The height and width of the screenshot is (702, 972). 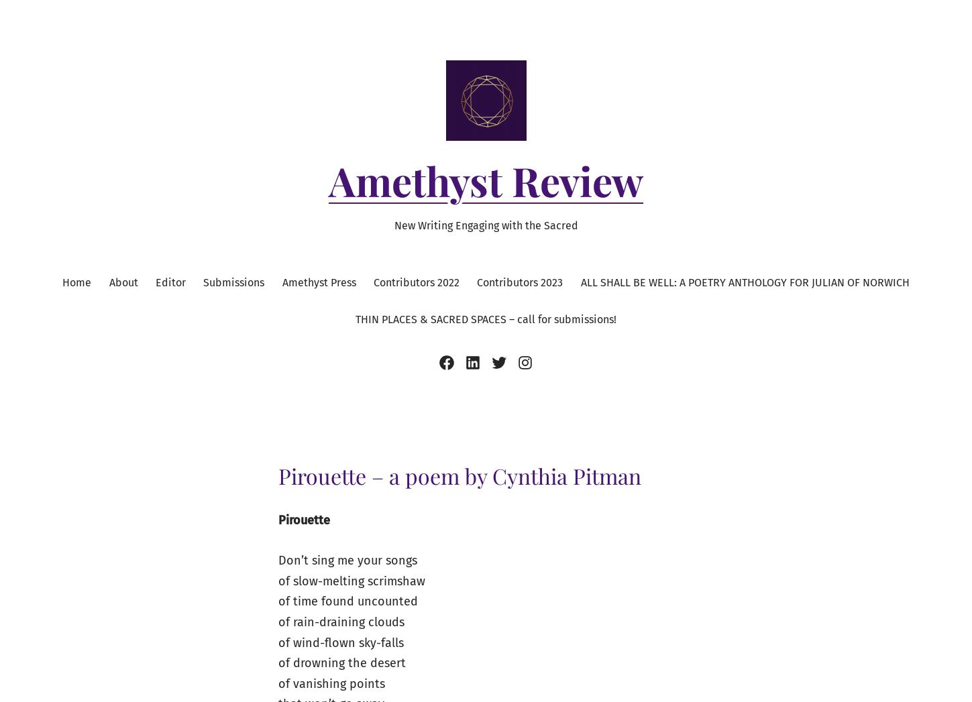 I want to click on 'New Writing Engaging with the Sacred', so click(x=486, y=225).